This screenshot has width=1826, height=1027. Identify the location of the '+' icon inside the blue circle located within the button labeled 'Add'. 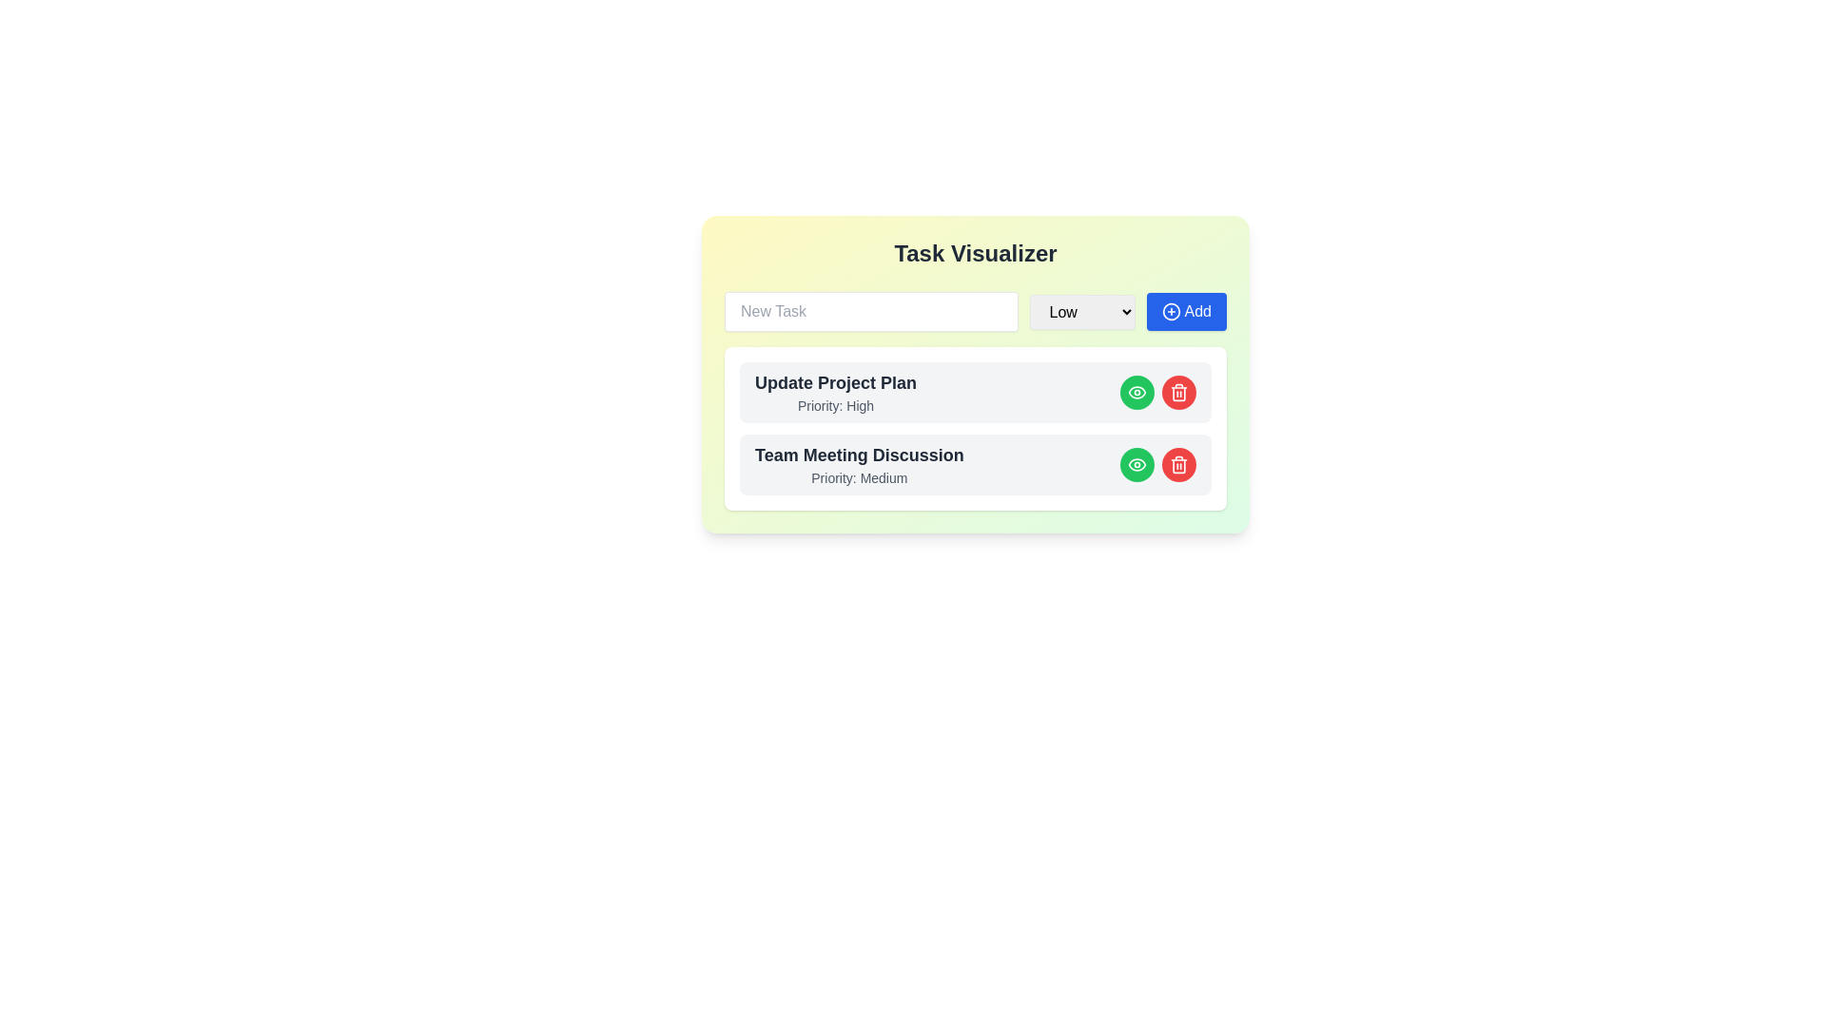
(1170, 310).